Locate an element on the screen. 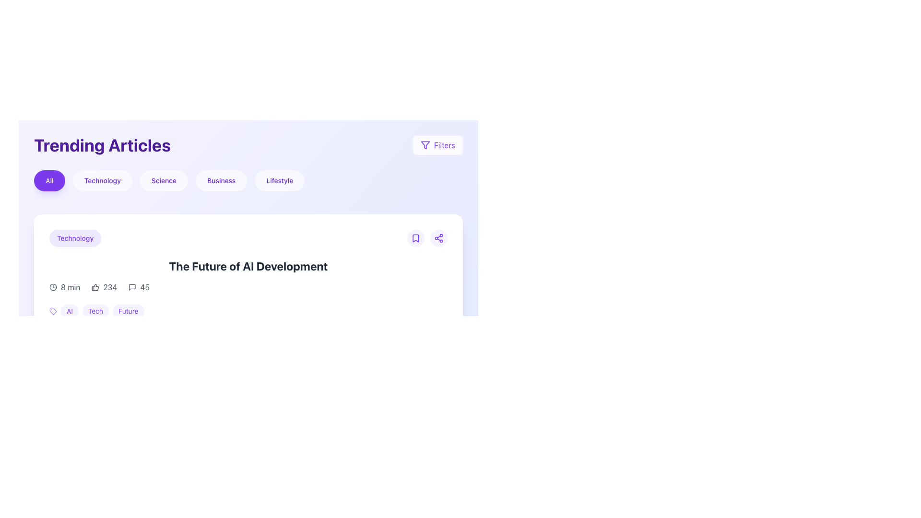 Image resolution: width=921 pixels, height=518 pixels. comment count displayed by the informational label that shows the number of comments associated with the article, located within the metadata panel is located at coordinates (139, 286).